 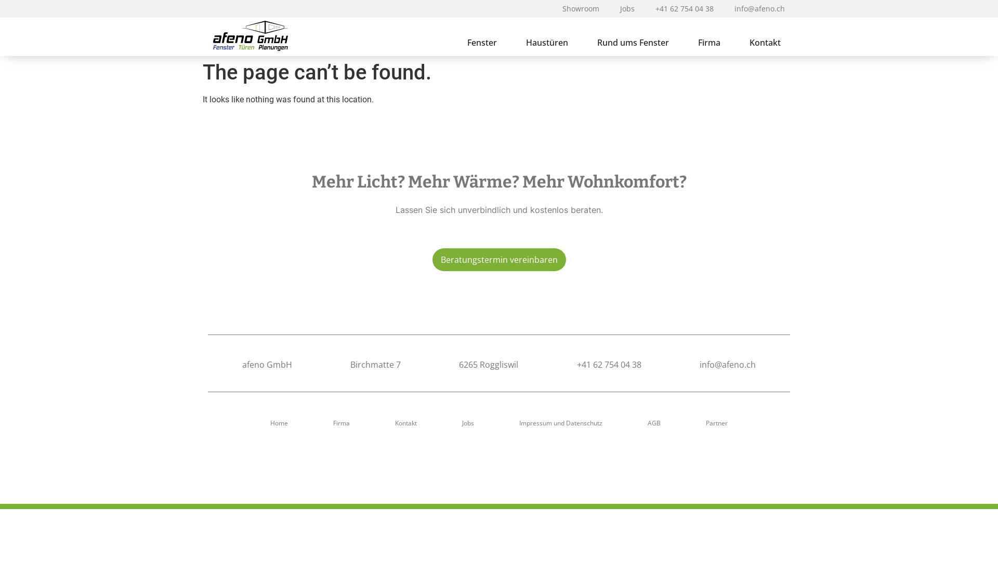 What do you see at coordinates (405, 423) in the screenshot?
I see `'Kontakt'` at bounding box center [405, 423].